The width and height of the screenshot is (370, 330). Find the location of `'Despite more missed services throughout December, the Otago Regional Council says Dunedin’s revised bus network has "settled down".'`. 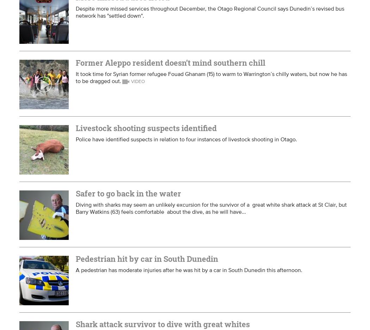

'Despite more missed services throughout December, the Otago Regional Council says Dunedin’s revised bus network has "settled down".' is located at coordinates (209, 11).